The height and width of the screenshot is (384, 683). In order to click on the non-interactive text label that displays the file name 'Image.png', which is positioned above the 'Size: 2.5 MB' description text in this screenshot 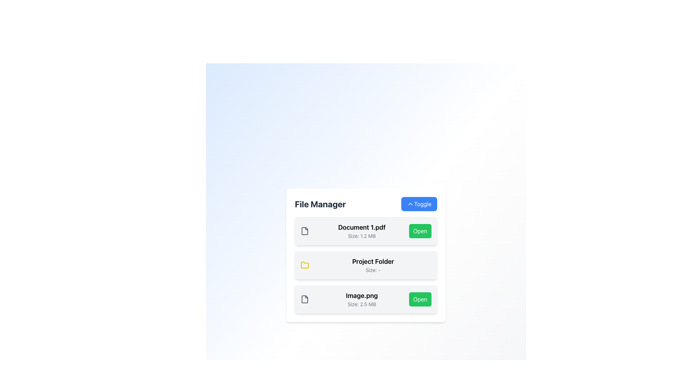, I will do `click(362, 296)`.